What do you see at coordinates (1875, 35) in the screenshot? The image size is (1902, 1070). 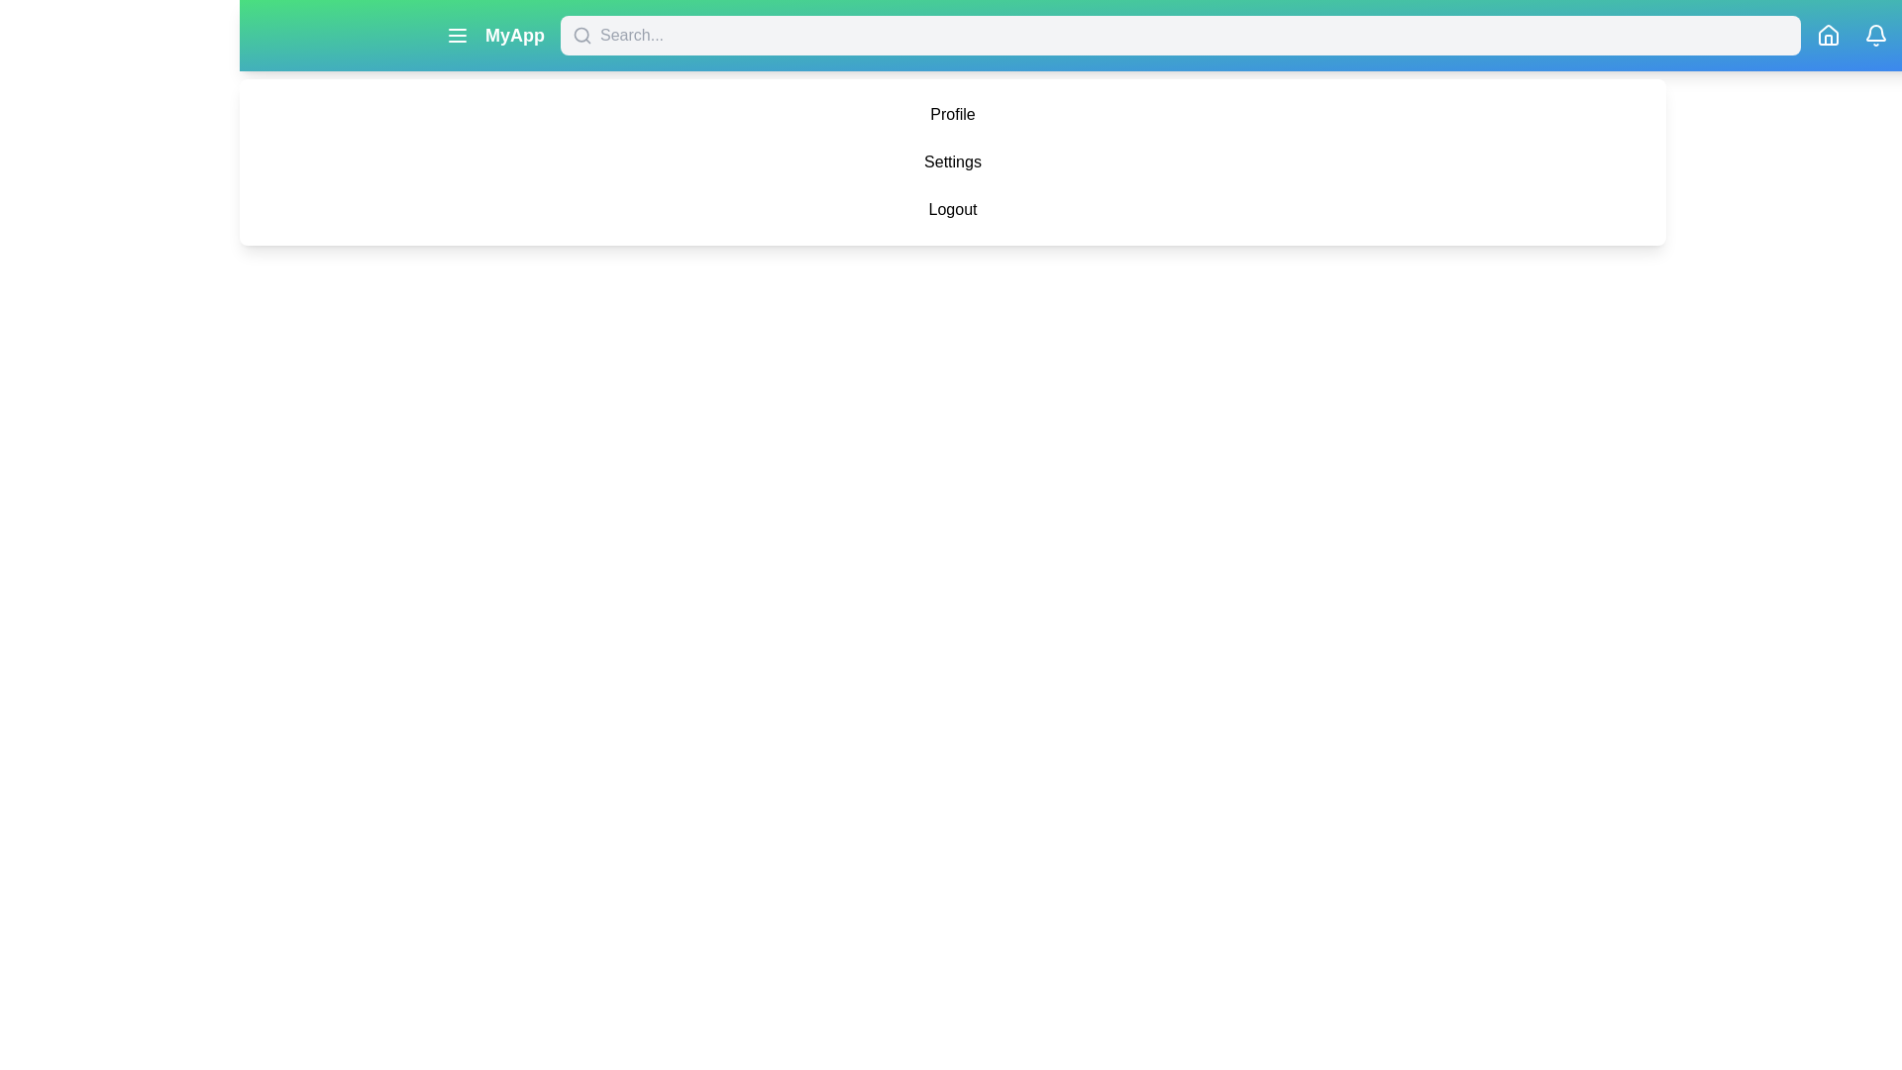 I see `the notification bell icon located at the top-right corner of the navigation header` at bounding box center [1875, 35].